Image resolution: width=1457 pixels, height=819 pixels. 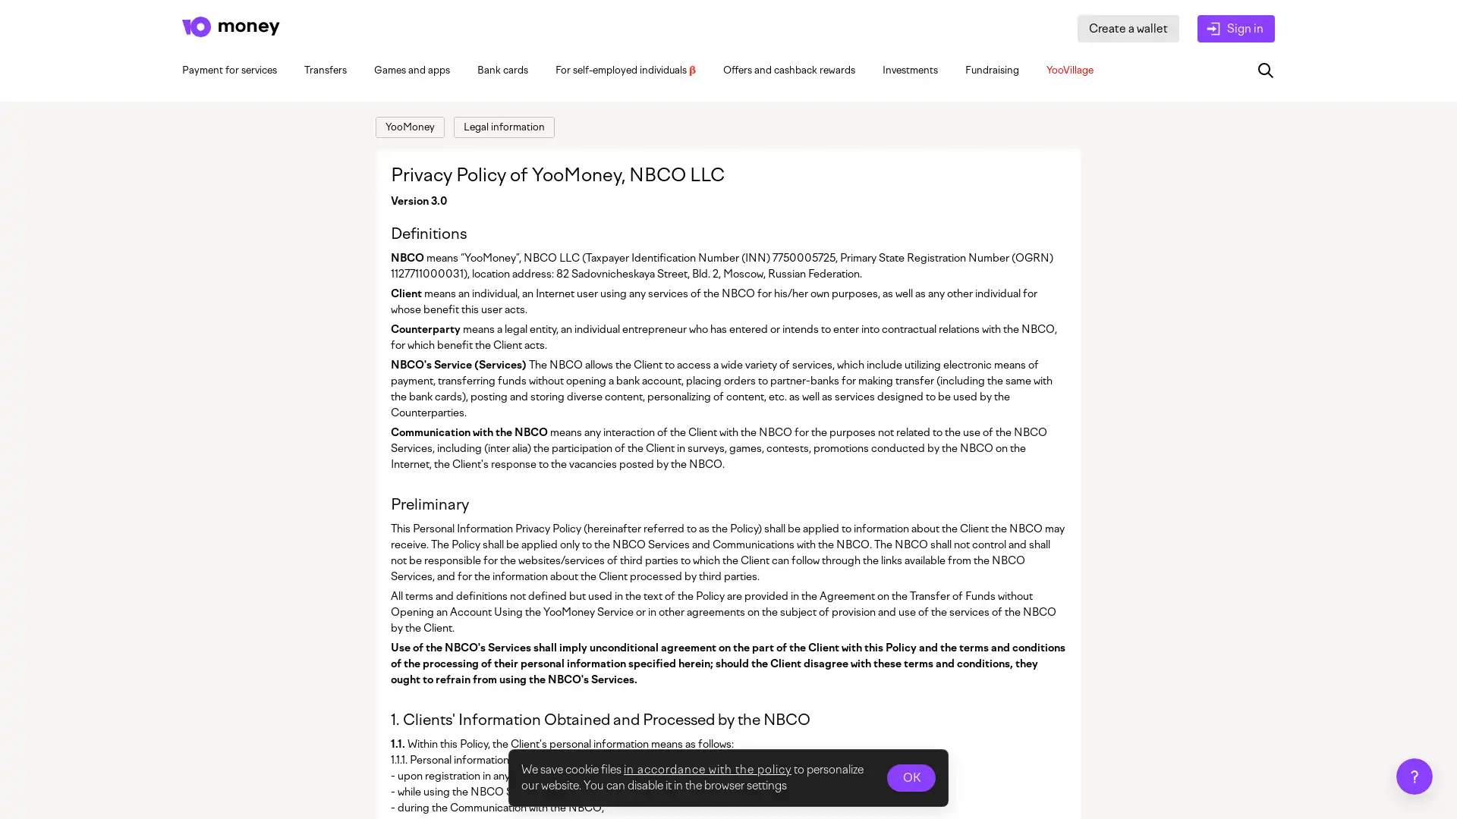 I want to click on OK, so click(x=911, y=778).